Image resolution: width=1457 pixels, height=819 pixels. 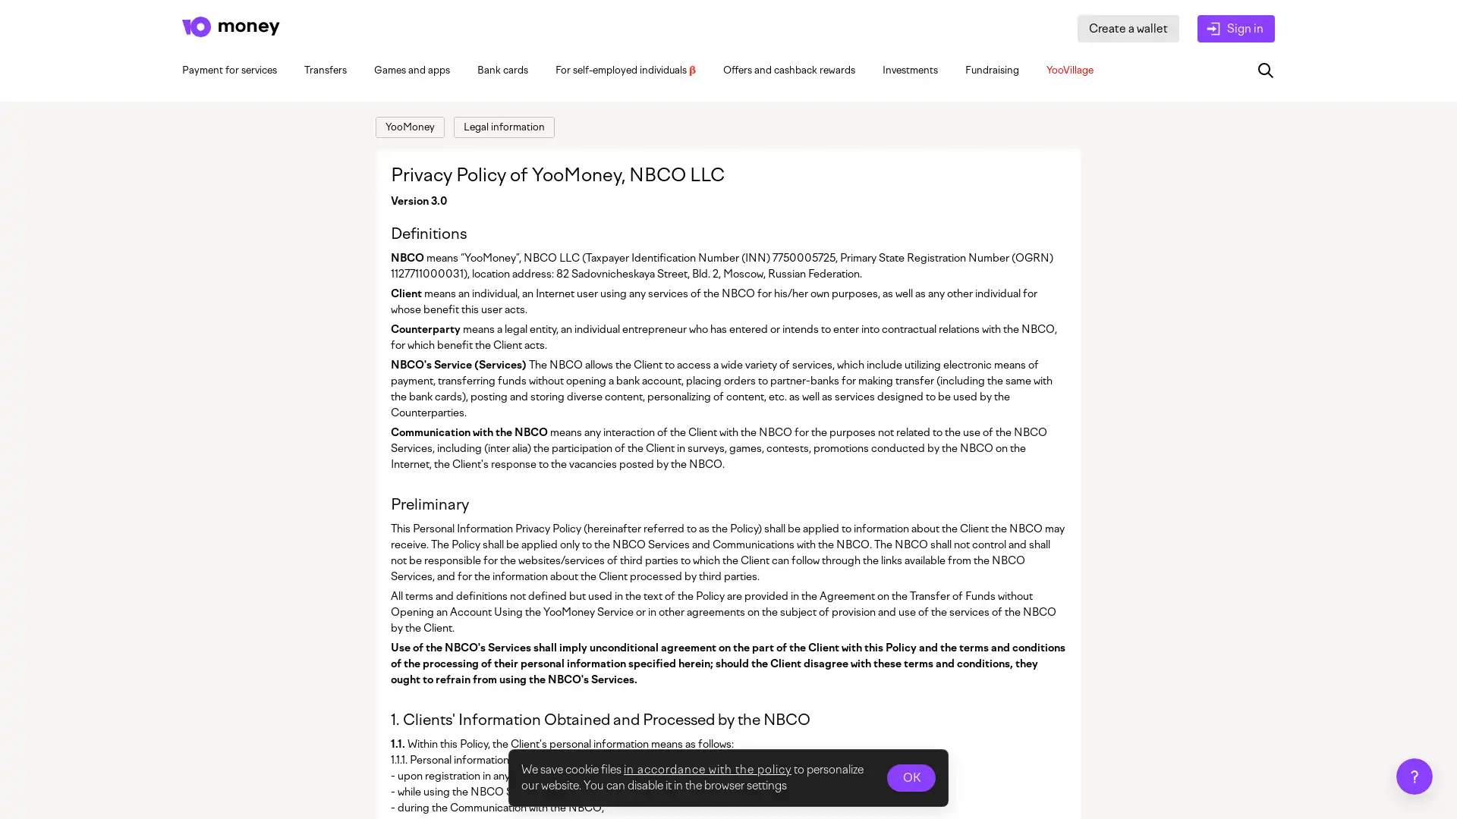 I want to click on OK, so click(x=911, y=778).